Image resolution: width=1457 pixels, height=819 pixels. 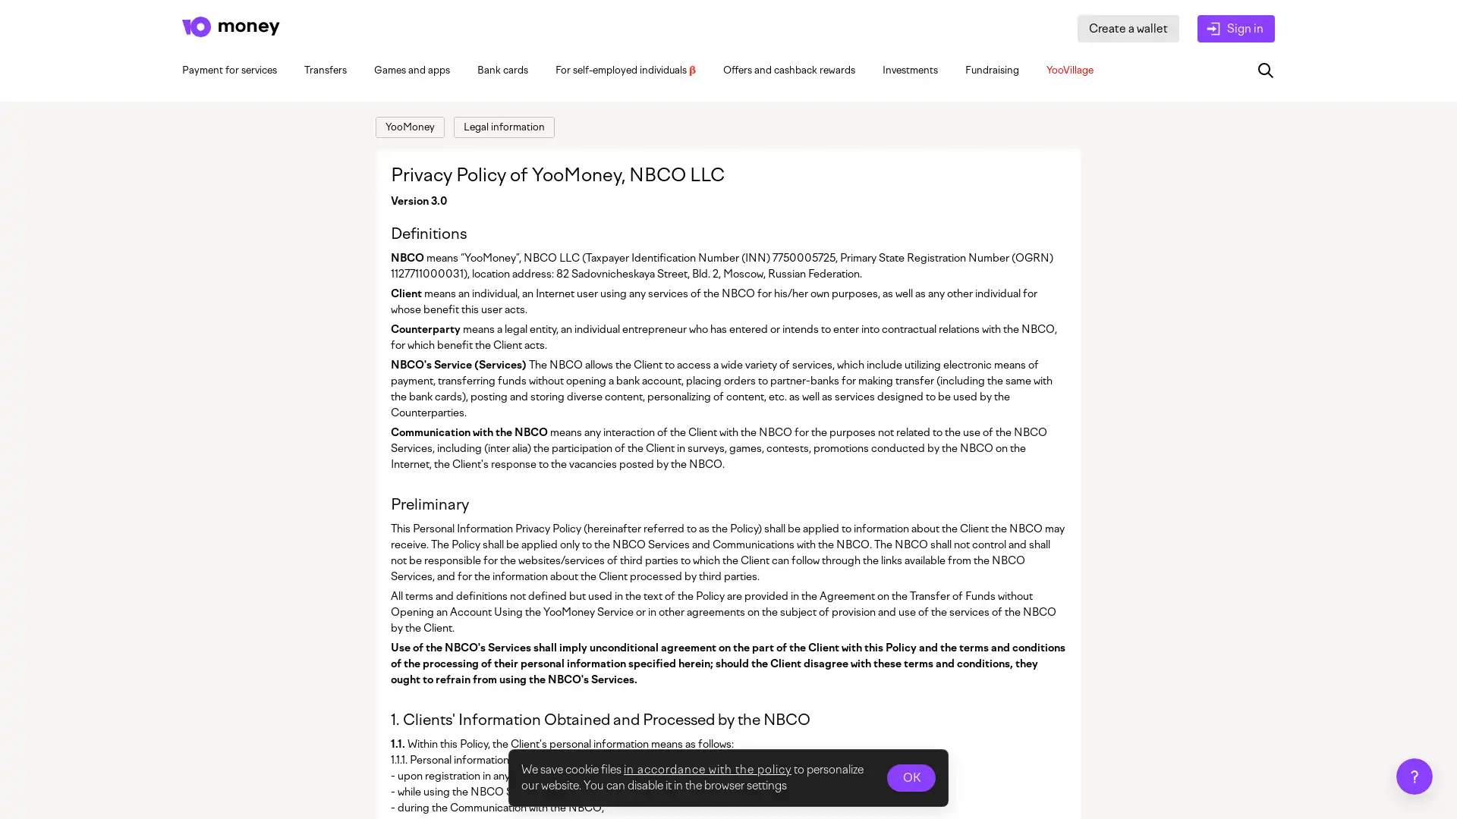 I want to click on OK, so click(x=911, y=778).